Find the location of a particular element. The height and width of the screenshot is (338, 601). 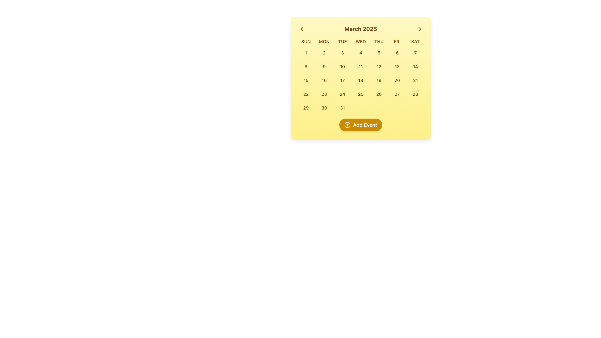

the calendar grid cell displaying the number '20' is located at coordinates (397, 80).